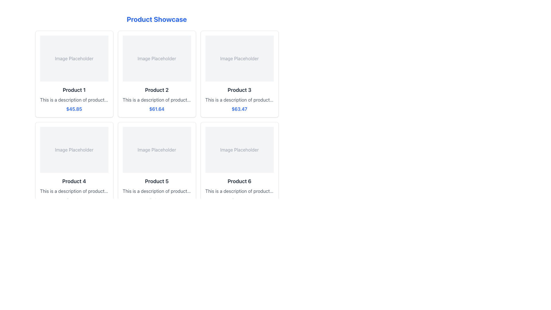 The height and width of the screenshot is (310, 551). Describe the element at coordinates (157, 99) in the screenshot. I see `the static text element displaying 'This is a description of product 2.' which is located beneath the product title 'Product 2' and above the price '$61.64' in the second card of the grid layout` at that location.